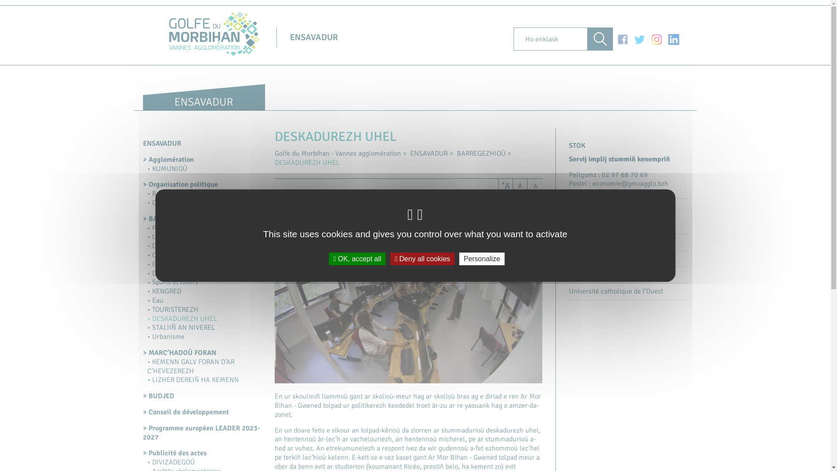 The height and width of the screenshot is (471, 837). Describe the element at coordinates (429, 153) in the screenshot. I see `'ENSAVADUR'` at that location.